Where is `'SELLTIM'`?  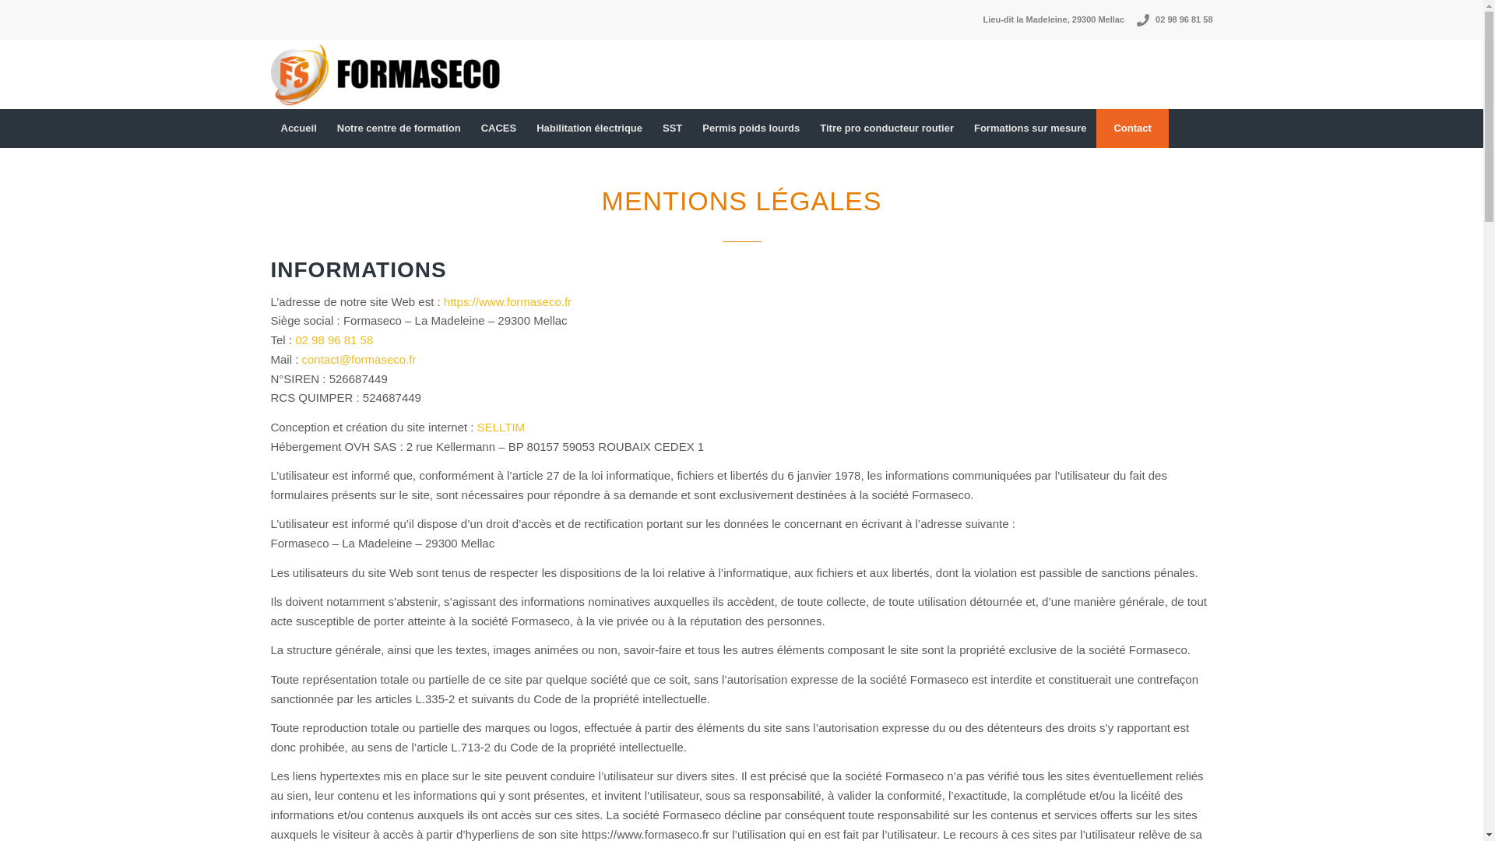
'SELLTIM' is located at coordinates (501, 427).